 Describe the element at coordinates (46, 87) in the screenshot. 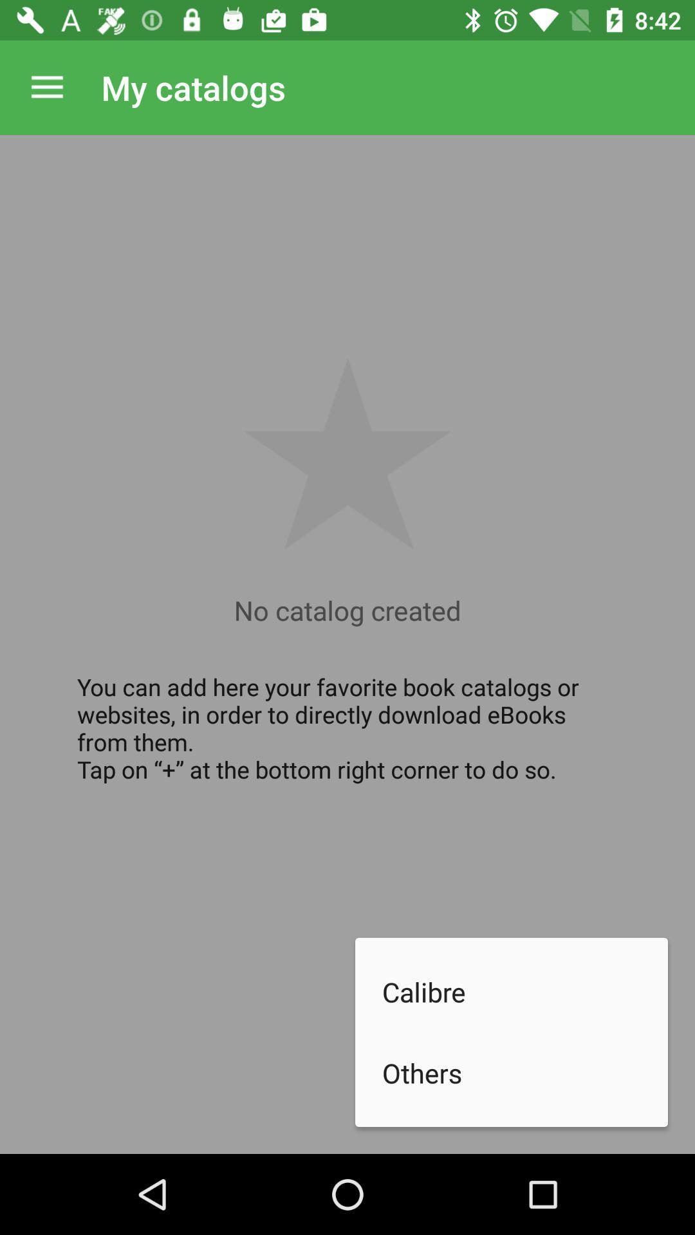

I see `item next to the my catalogs` at that location.